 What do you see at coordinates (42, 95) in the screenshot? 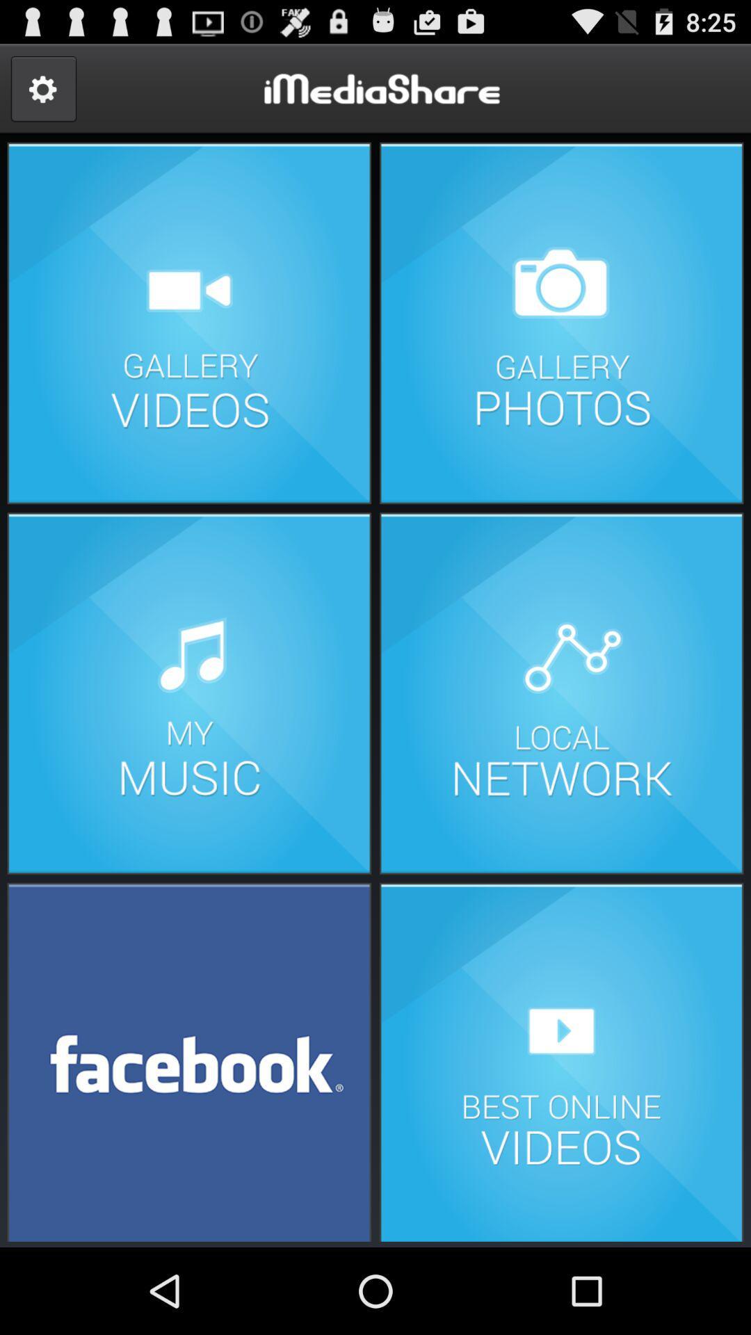
I see `the settings icon` at bounding box center [42, 95].